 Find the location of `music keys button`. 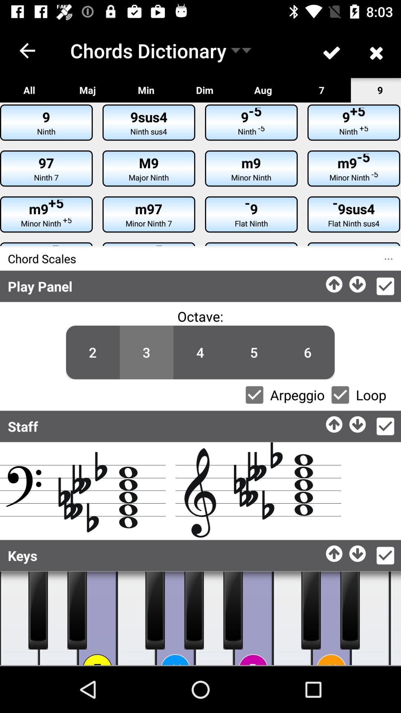

music keys button is located at coordinates (19, 618).